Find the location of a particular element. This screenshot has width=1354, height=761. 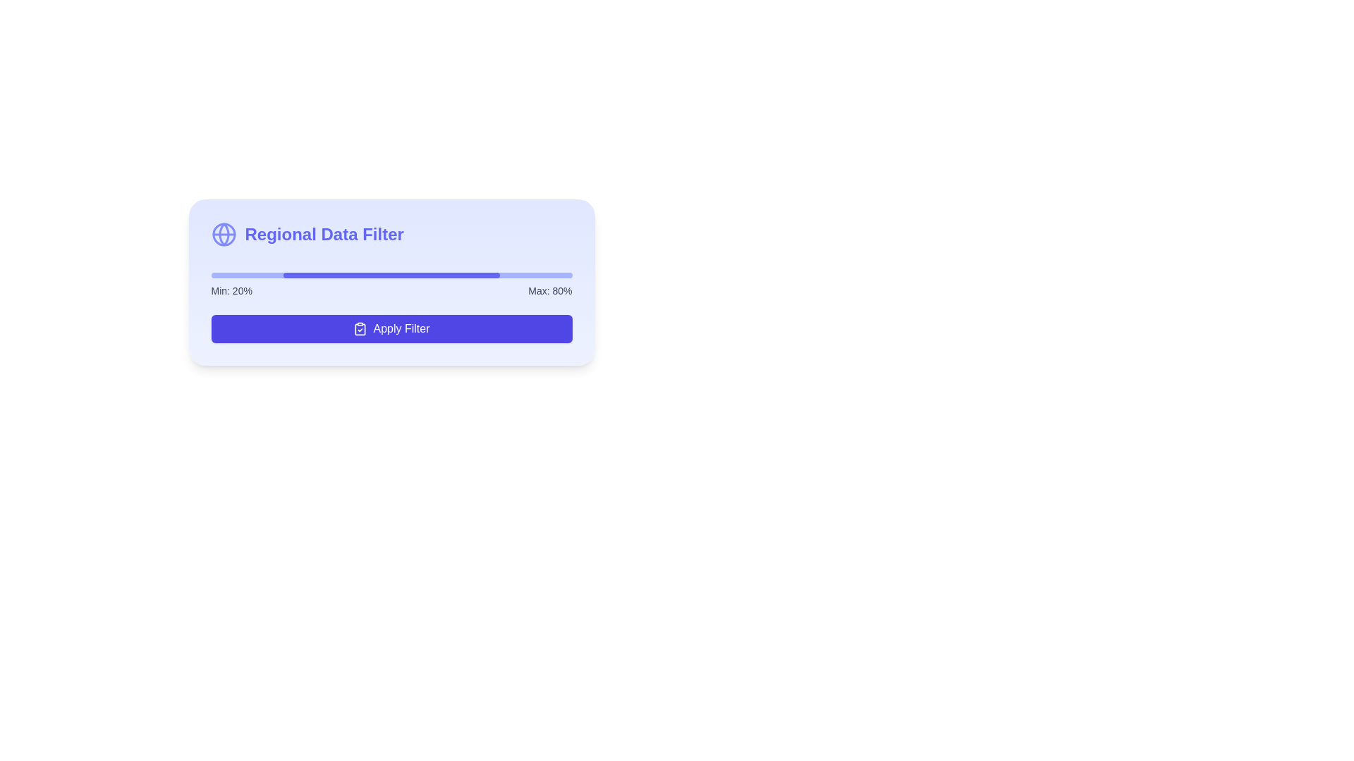

the slider is located at coordinates (460, 272).